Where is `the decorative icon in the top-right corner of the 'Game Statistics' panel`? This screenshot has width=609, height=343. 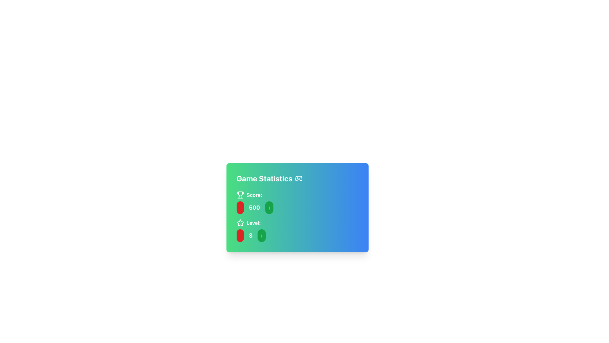 the decorative icon in the top-right corner of the 'Game Statistics' panel is located at coordinates (298, 178).